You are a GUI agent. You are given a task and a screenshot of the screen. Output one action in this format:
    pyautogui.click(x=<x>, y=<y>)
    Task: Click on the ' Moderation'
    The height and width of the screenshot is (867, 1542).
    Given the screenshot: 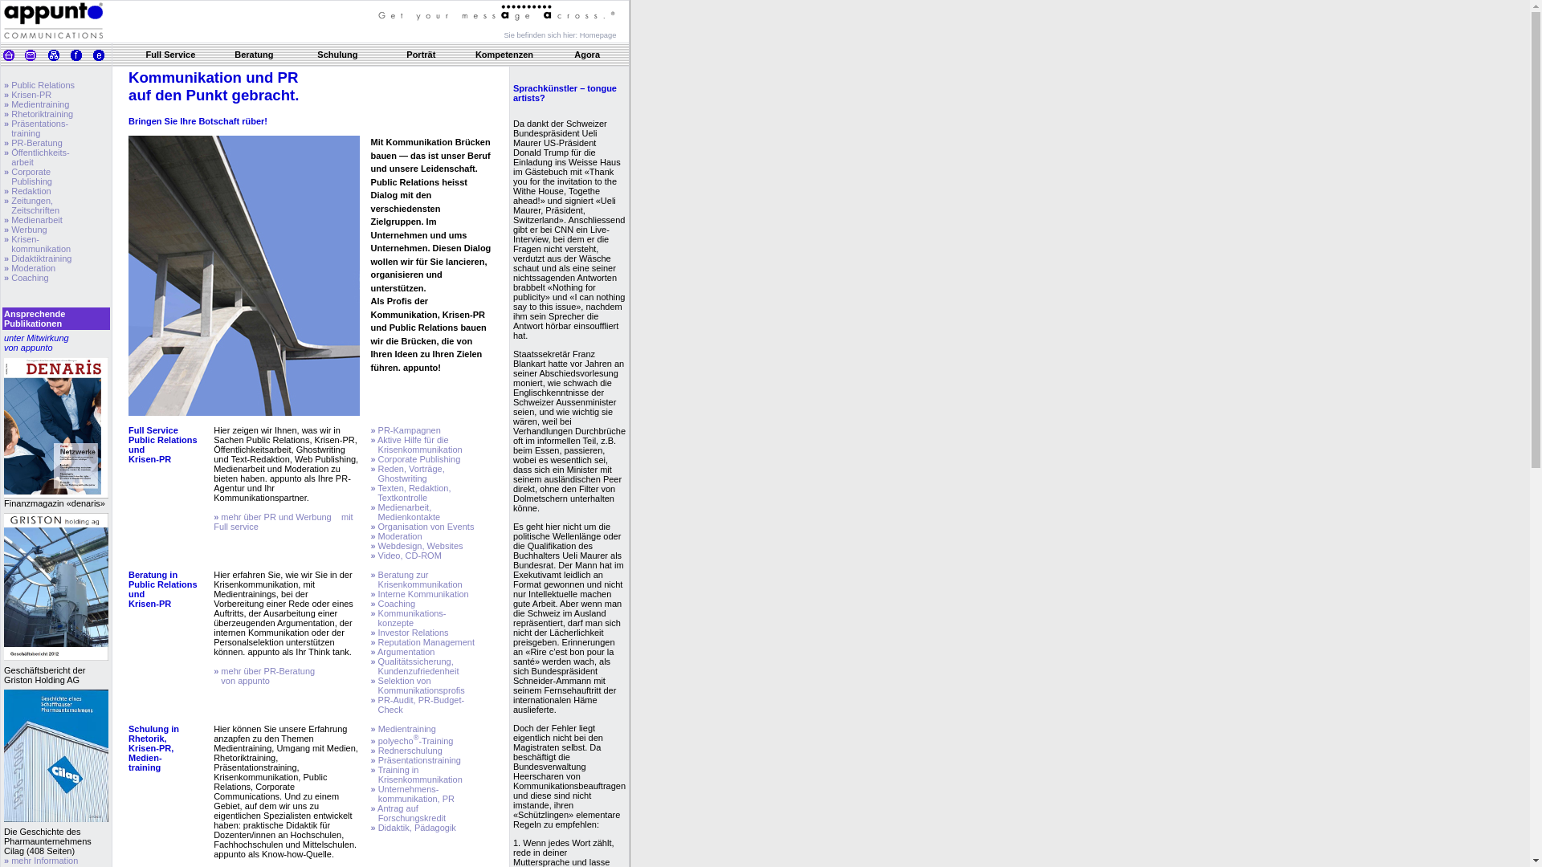 What is the action you would take?
    pyautogui.click(x=31, y=267)
    